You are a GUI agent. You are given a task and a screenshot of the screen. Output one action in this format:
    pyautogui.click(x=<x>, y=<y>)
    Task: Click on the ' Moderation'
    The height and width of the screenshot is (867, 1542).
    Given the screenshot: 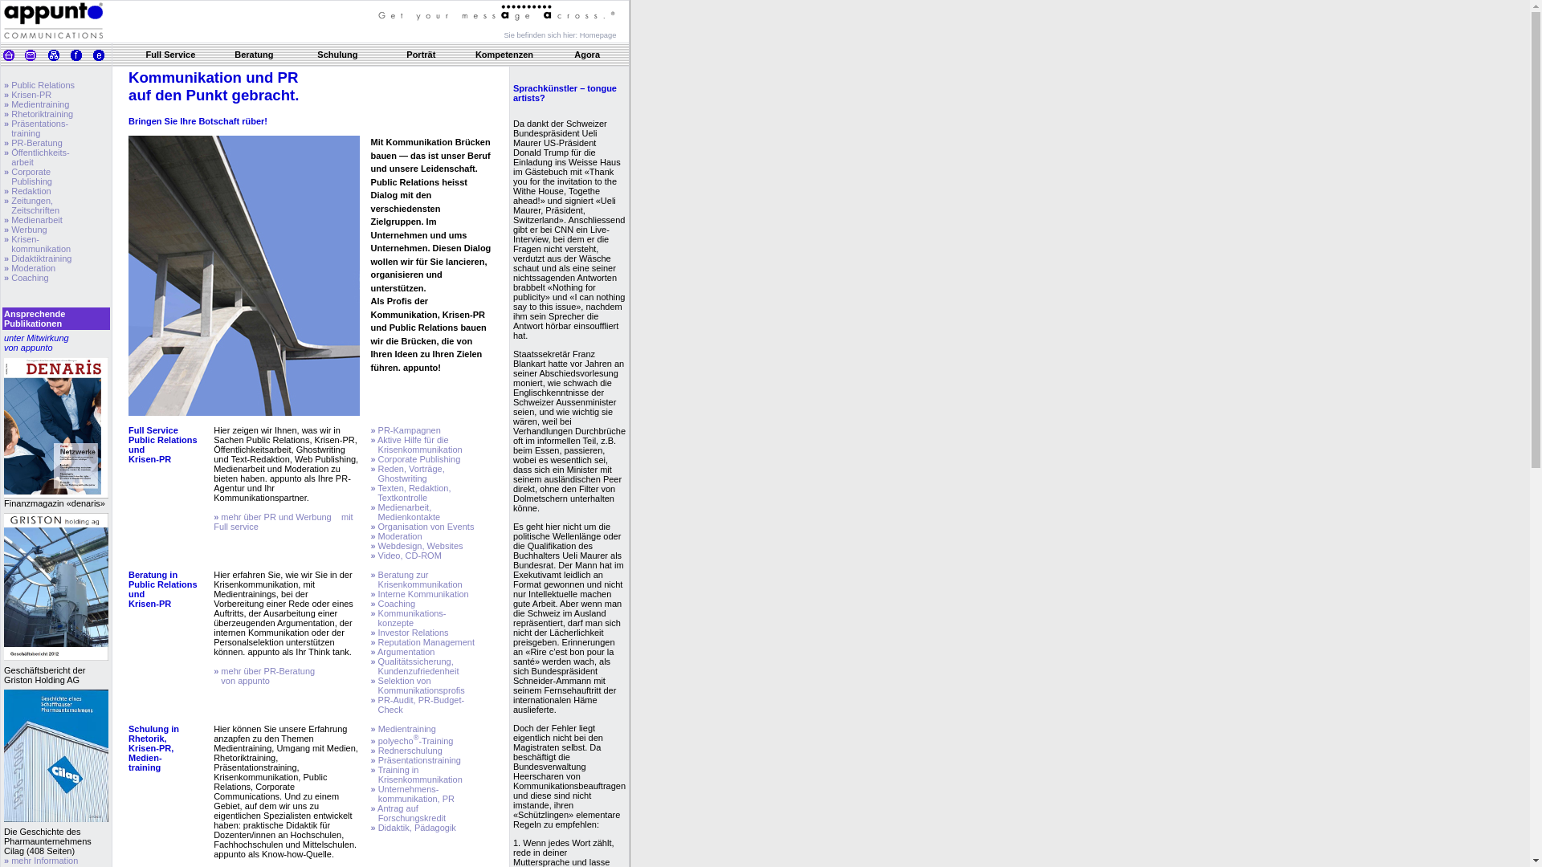 What is the action you would take?
    pyautogui.click(x=31, y=267)
    